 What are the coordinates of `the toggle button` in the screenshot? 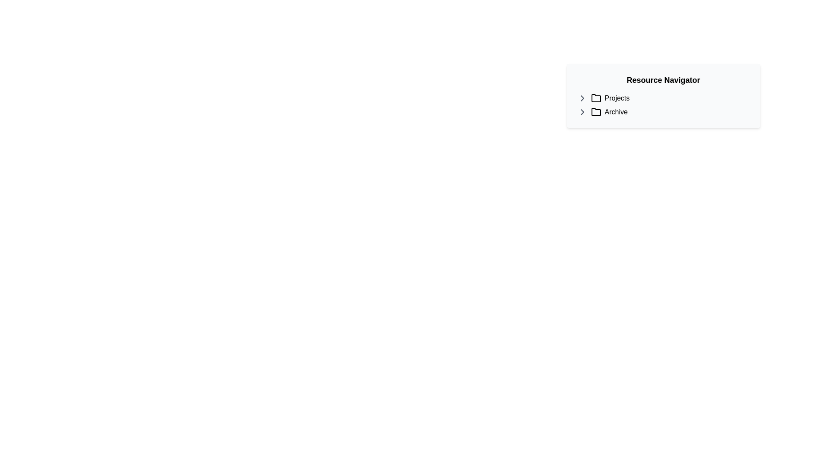 It's located at (582, 98).